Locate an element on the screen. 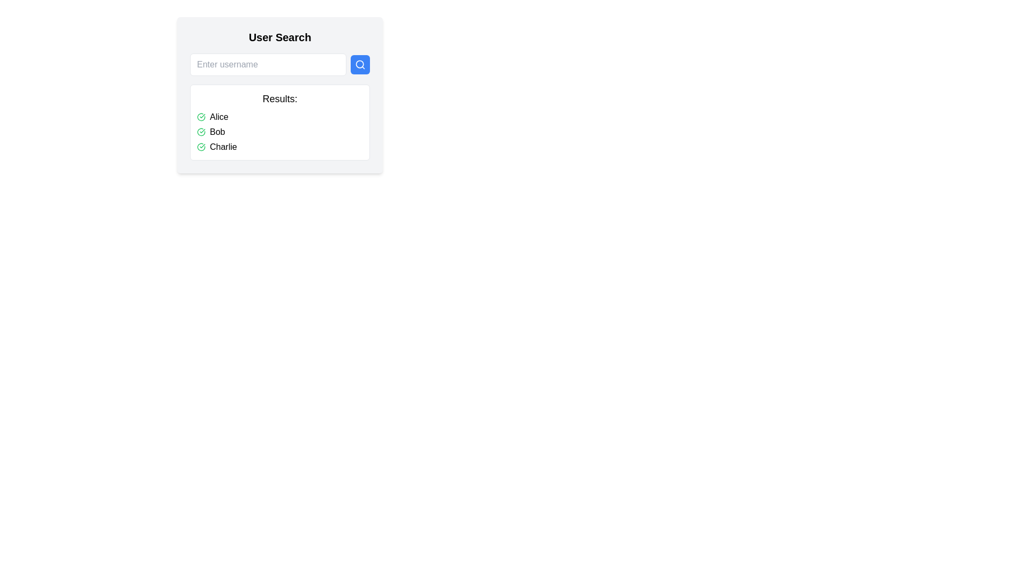 This screenshot has width=1028, height=578. the blue magnifying glass icon located within a circular border to the right of the 'Enter username' input box to initiate a search is located at coordinates (360, 64).